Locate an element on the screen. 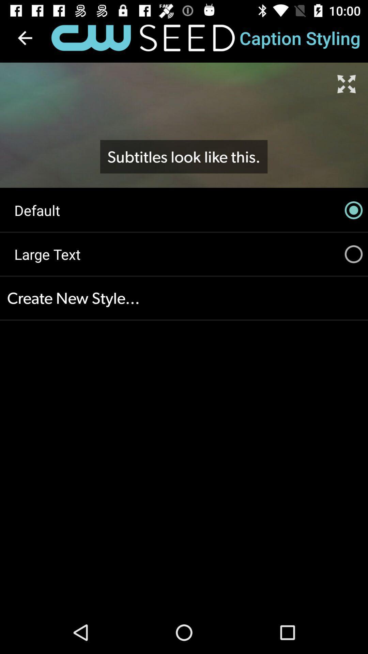 The width and height of the screenshot is (368, 654). the icon above the large text icon is located at coordinates (184, 210).